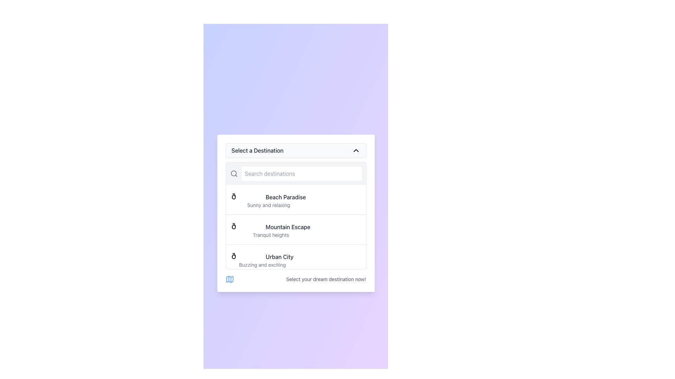  I want to click on the Text Label displaying 'Tranquil heights', which is styled in a smaller gray font and located below 'Mountain Escape' in the destination list within the modal, so click(270, 235).